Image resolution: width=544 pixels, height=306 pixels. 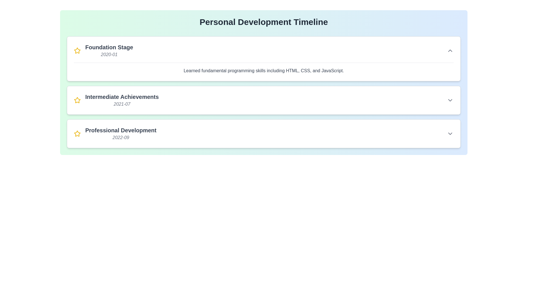 What do you see at coordinates (109, 47) in the screenshot?
I see `the left-aligned text element that serves as a title for the 'Foundation Stage' entry in the timeline, positioned above the '2020-01' label` at bounding box center [109, 47].